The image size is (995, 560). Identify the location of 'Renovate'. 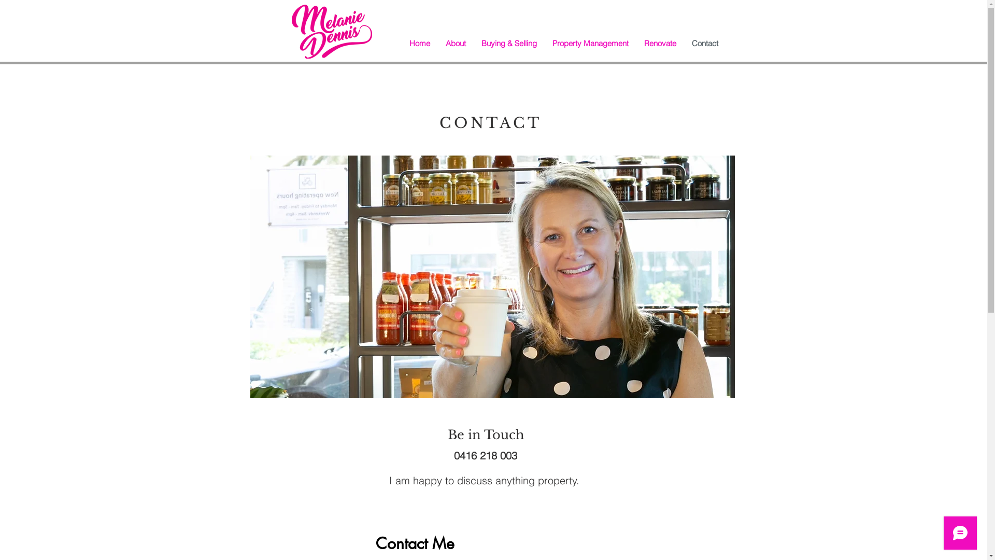
(659, 43).